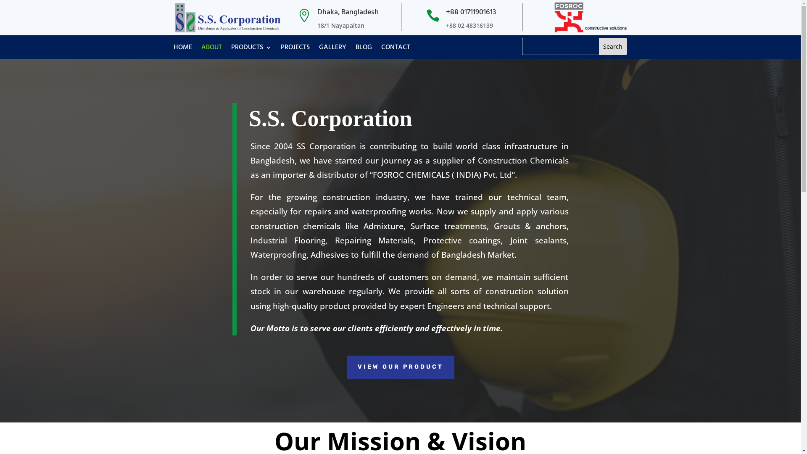  Describe the element at coordinates (395, 49) in the screenshot. I see `'CONTACT'` at that location.